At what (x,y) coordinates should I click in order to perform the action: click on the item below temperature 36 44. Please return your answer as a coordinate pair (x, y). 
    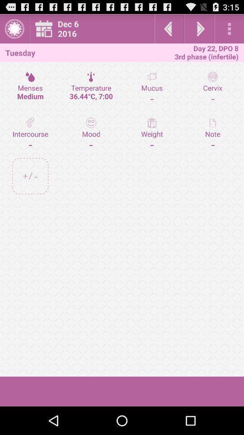
    Looking at the image, I should click on (152, 133).